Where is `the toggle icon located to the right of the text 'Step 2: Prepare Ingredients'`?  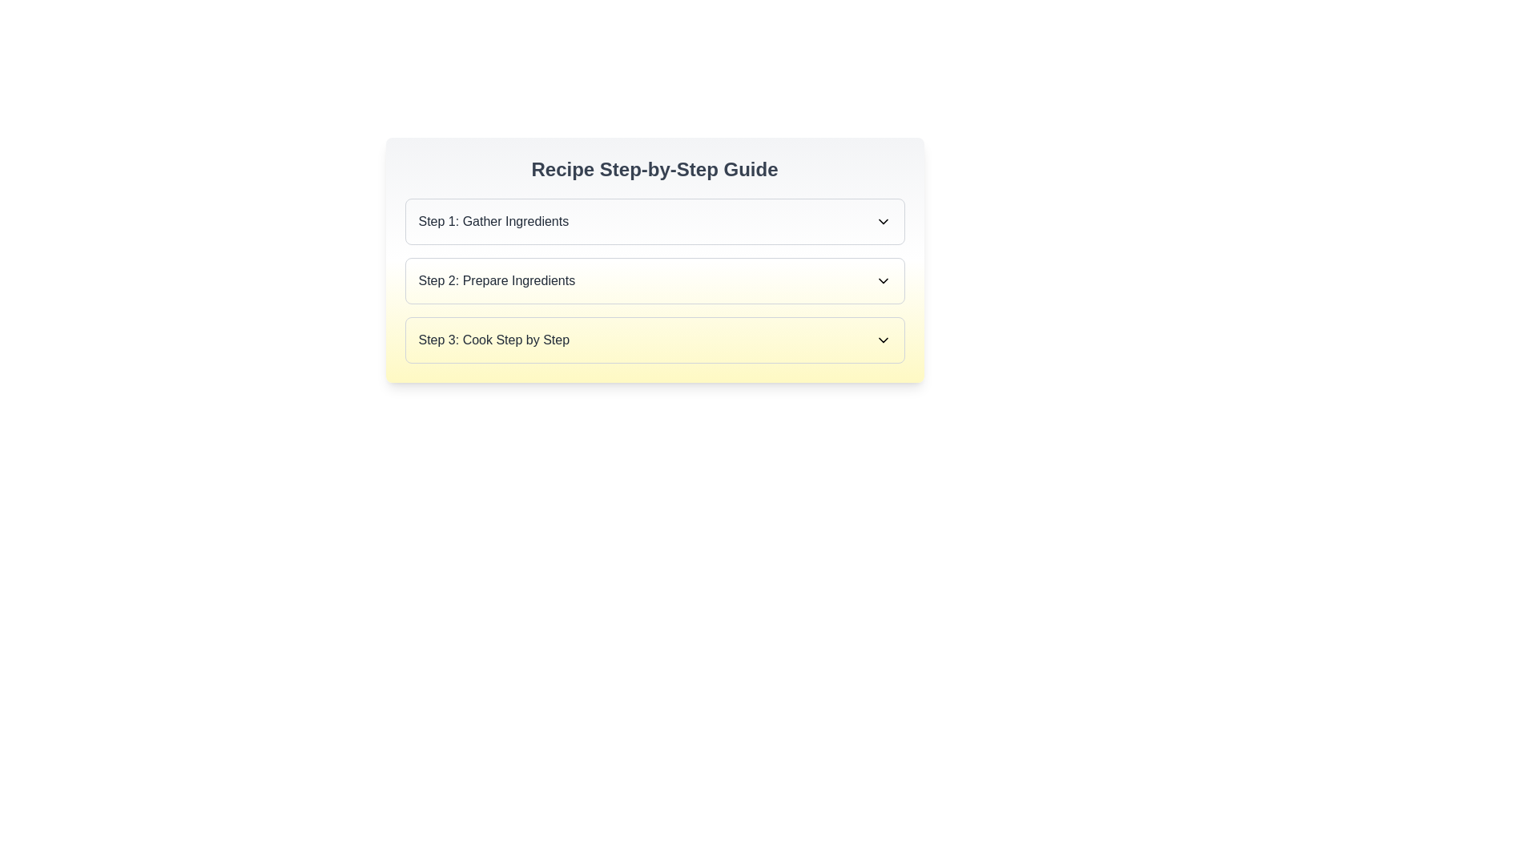
the toggle icon located to the right of the text 'Step 2: Prepare Ingredients' is located at coordinates (882, 280).